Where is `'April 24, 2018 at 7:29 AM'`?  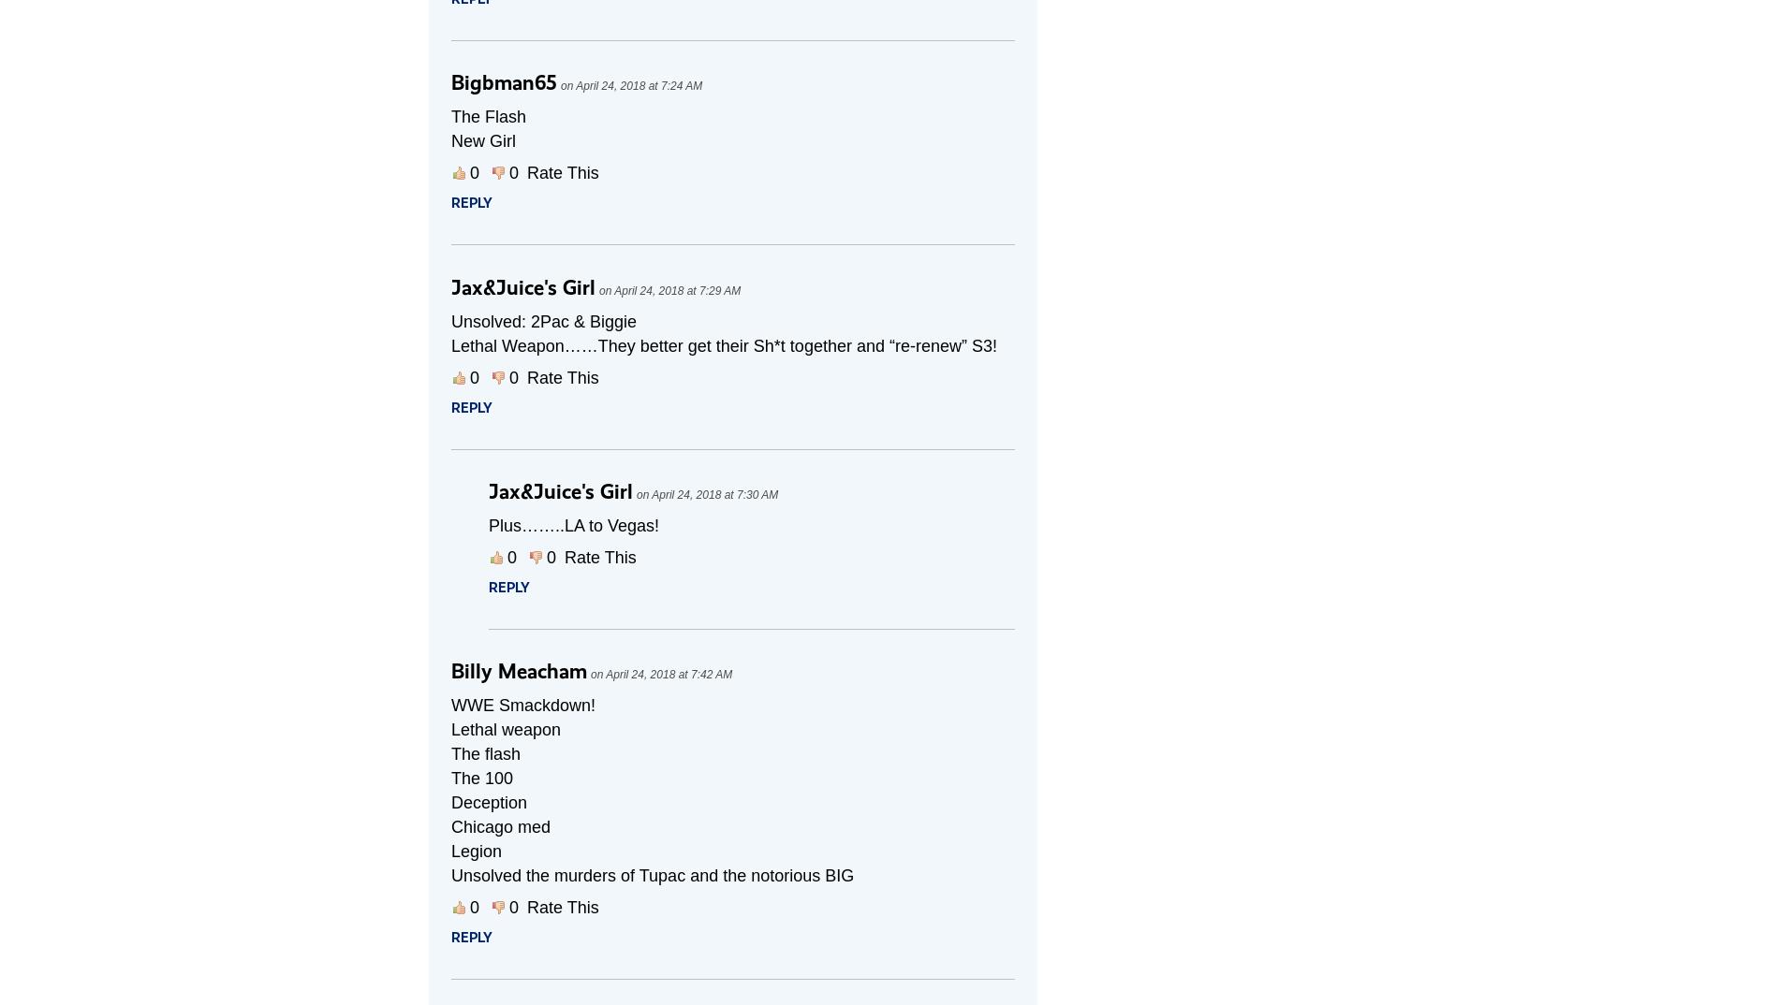 'April 24, 2018 at 7:29 AM' is located at coordinates (676, 291).